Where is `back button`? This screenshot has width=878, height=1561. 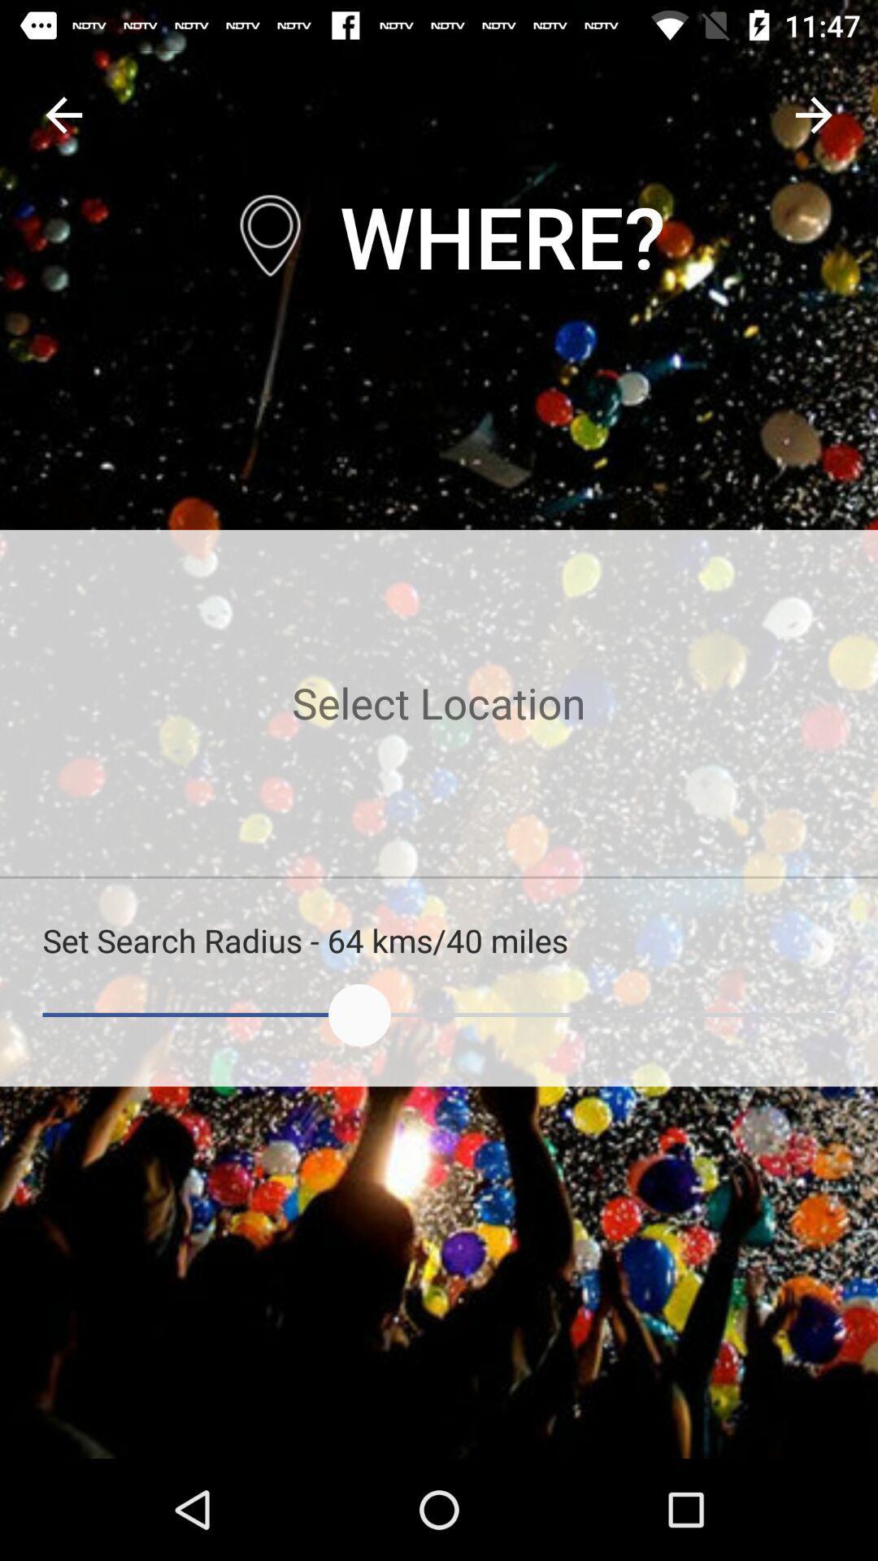
back button is located at coordinates (63, 114).